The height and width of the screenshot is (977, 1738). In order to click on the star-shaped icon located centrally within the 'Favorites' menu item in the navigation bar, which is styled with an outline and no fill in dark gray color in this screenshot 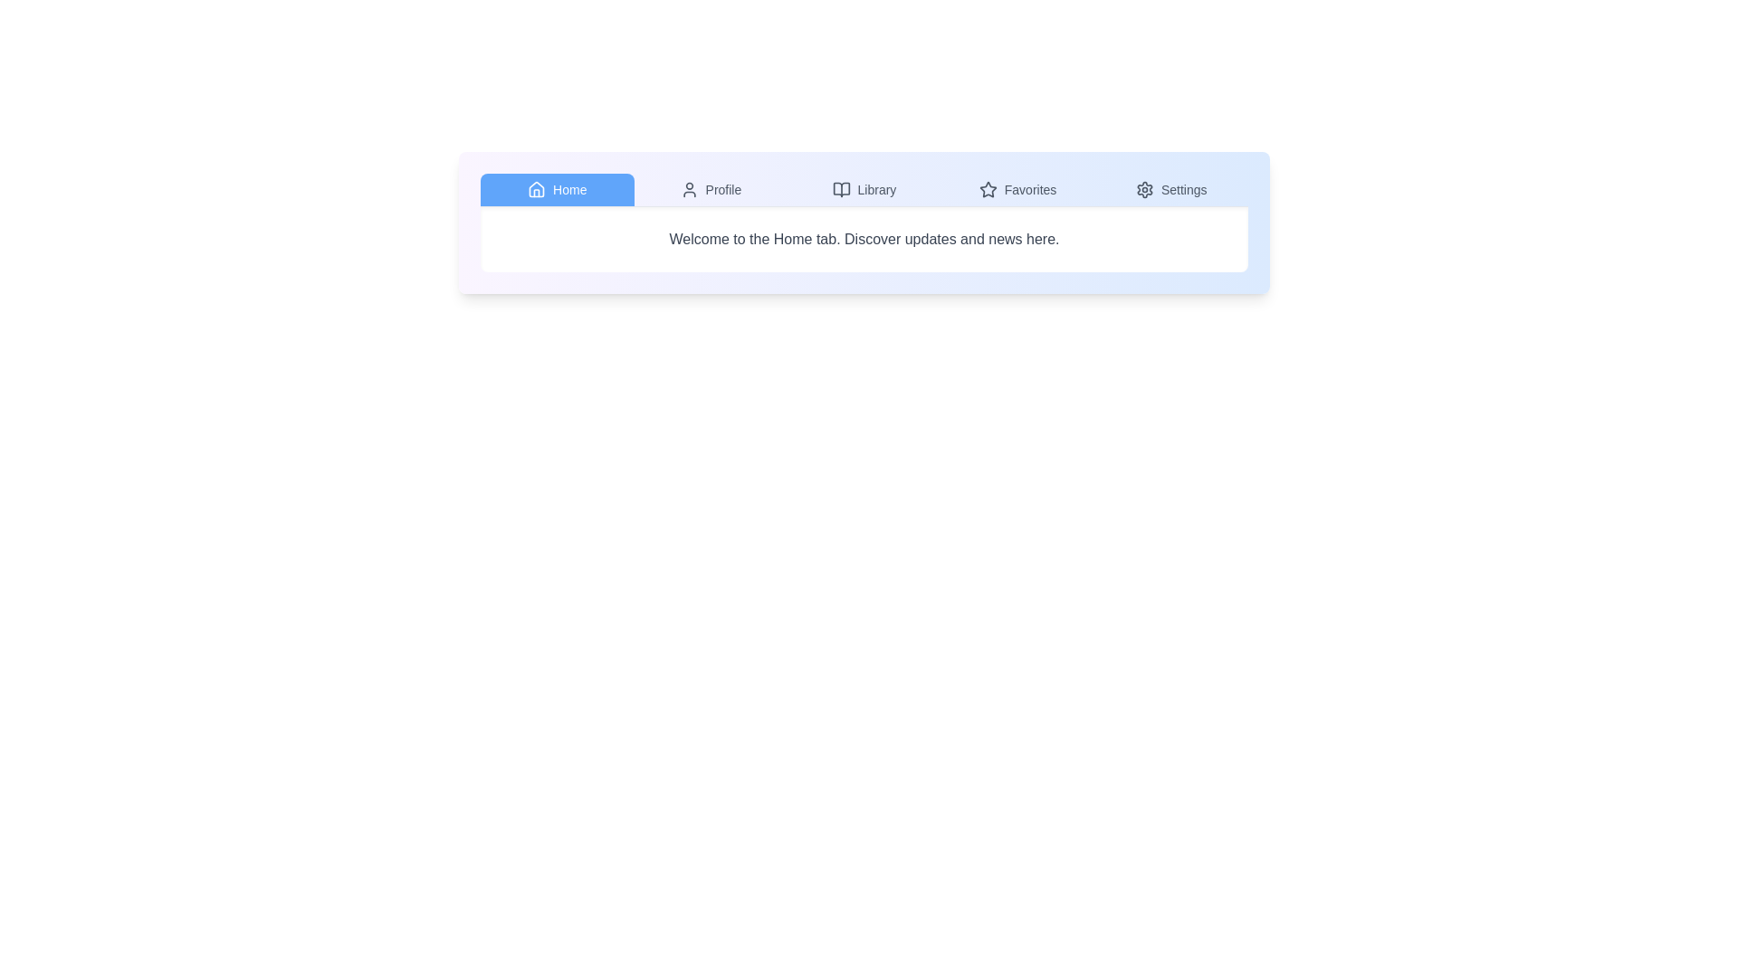, I will do `click(987, 189)`.